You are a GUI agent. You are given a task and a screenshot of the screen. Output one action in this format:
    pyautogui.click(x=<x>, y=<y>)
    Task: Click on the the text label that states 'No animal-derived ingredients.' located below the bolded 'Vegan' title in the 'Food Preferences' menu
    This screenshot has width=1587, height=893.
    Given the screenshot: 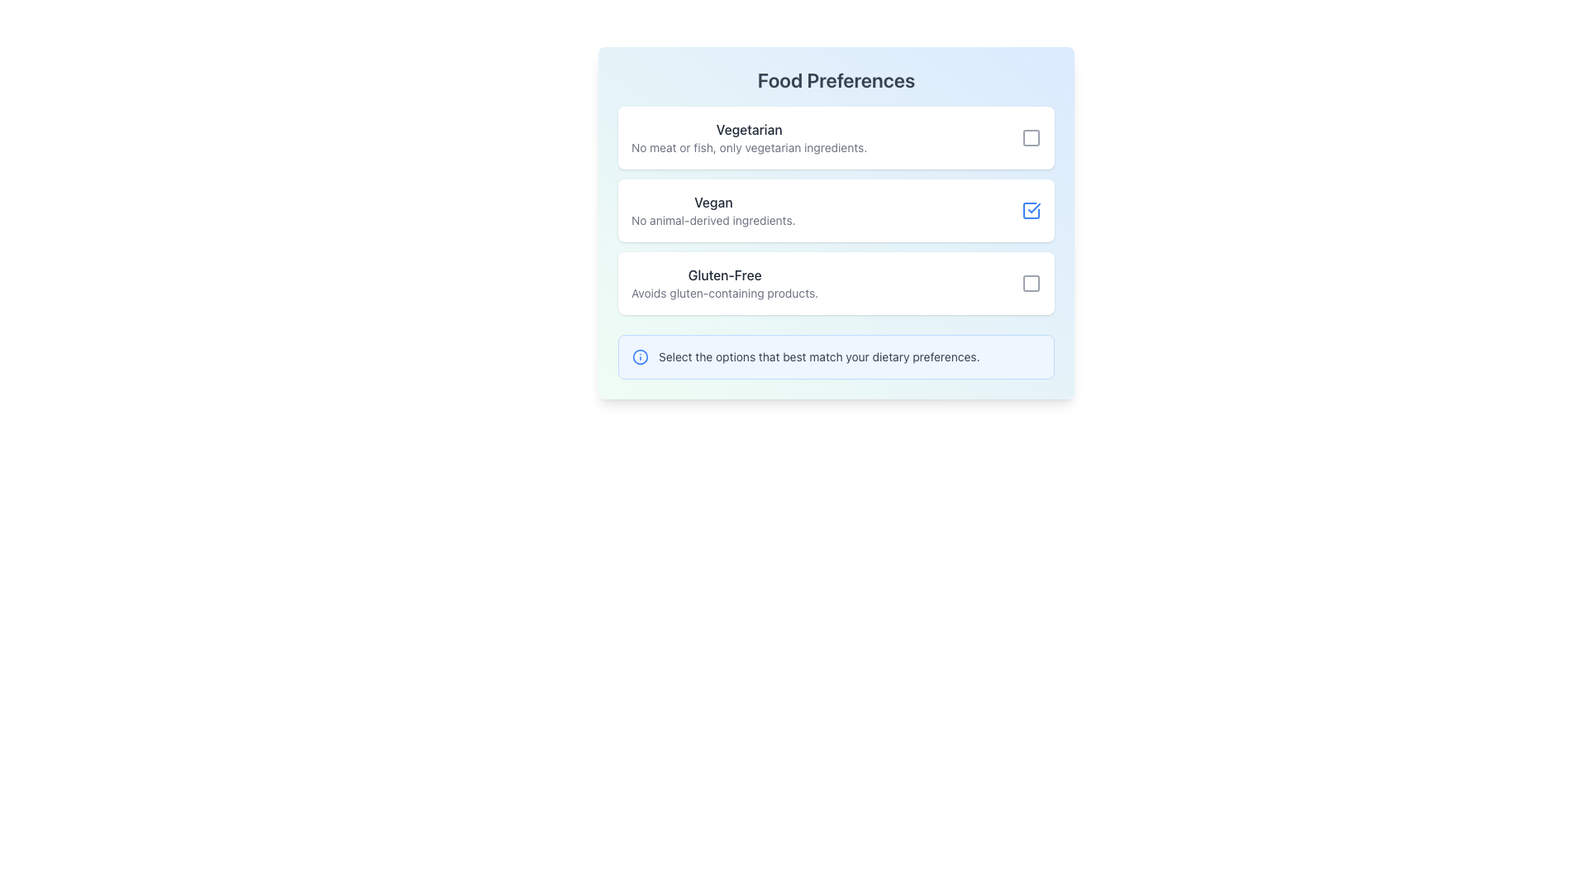 What is the action you would take?
    pyautogui.click(x=713, y=219)
    